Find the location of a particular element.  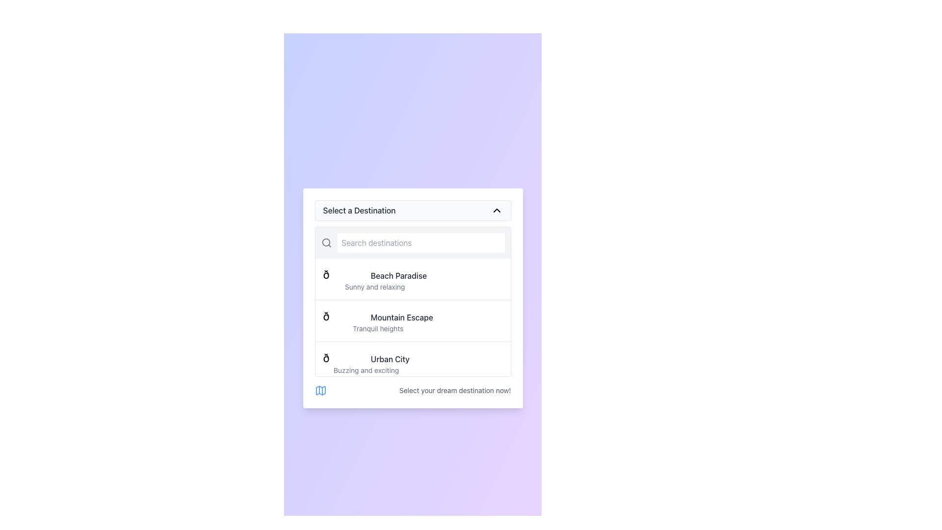

the filled dot SVG Circle Element that is part of the magnifying glass icon, located next to the search input field at the top of the destination selection interface is located at coordinates (326, 242).